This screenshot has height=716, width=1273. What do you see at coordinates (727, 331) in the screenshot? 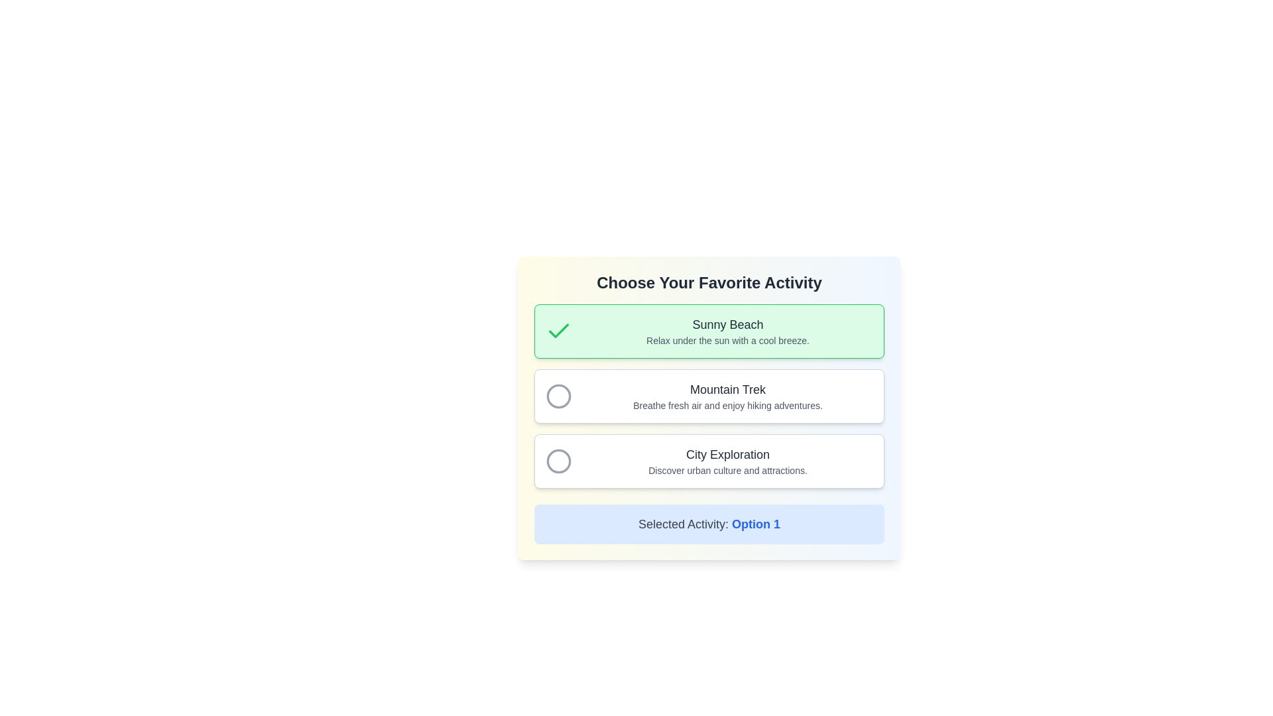
I see `the 'Sunny Beach' display text element, which features bold text and a light green background` at bounding box center [727, 331].